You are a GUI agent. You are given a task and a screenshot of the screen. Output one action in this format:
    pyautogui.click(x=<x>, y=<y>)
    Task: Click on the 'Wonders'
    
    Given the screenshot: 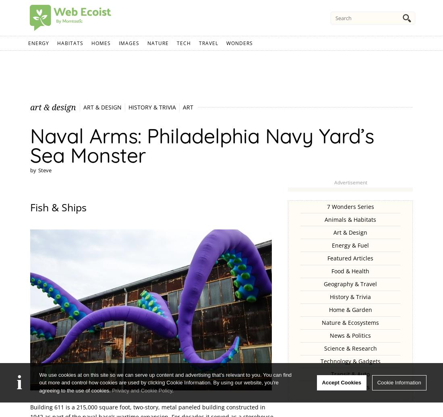 What is the action you would take?
    pyautogui.click(x=239, y=43)
    